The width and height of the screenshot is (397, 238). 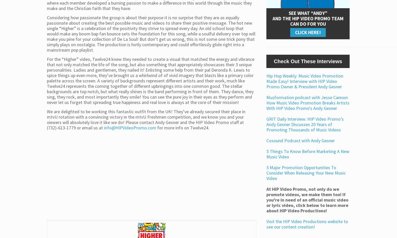 What do you see at coordinates (146, 119) in the screenshot?
I see `'We are delighted to be working this fantastic outfit from the UK! They’ve already secured their place in mtvU rotation with a convincing victory in the mtvU Freshmen competition, and we know you and your viewers will absolutely love it like we do! Please contact Andy Gesner and the HIP Video Promo staff at (732)-613-1779 or email us at'` at bounding box center [146, 119].